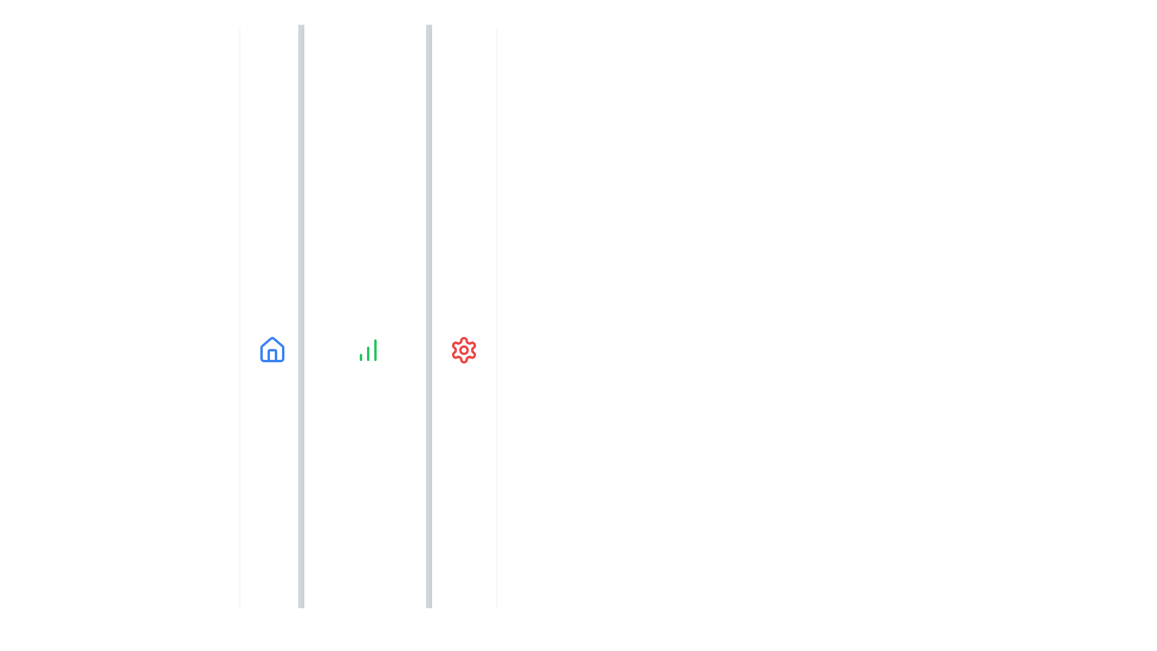 This screenshot has width=1157, height=651. I want to click on the bar chart icon with three green vertical bars, so click(367, 350).